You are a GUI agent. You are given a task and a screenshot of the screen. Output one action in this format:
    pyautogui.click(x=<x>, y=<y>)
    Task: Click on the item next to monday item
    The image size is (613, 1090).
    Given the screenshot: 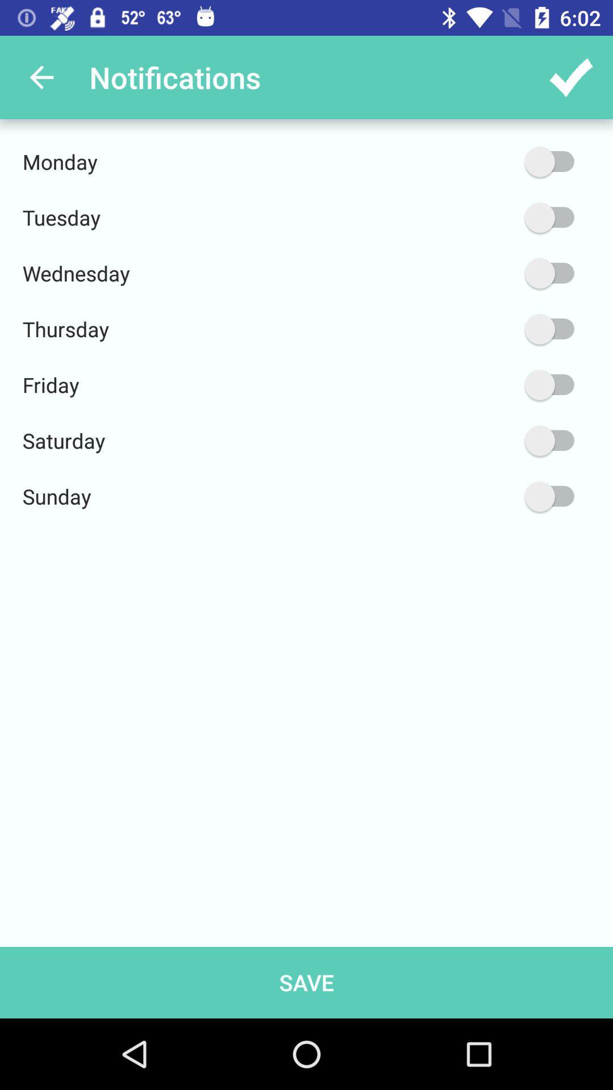 What is the action you would take?
    pyautogui.click(x=495, y=161)
    